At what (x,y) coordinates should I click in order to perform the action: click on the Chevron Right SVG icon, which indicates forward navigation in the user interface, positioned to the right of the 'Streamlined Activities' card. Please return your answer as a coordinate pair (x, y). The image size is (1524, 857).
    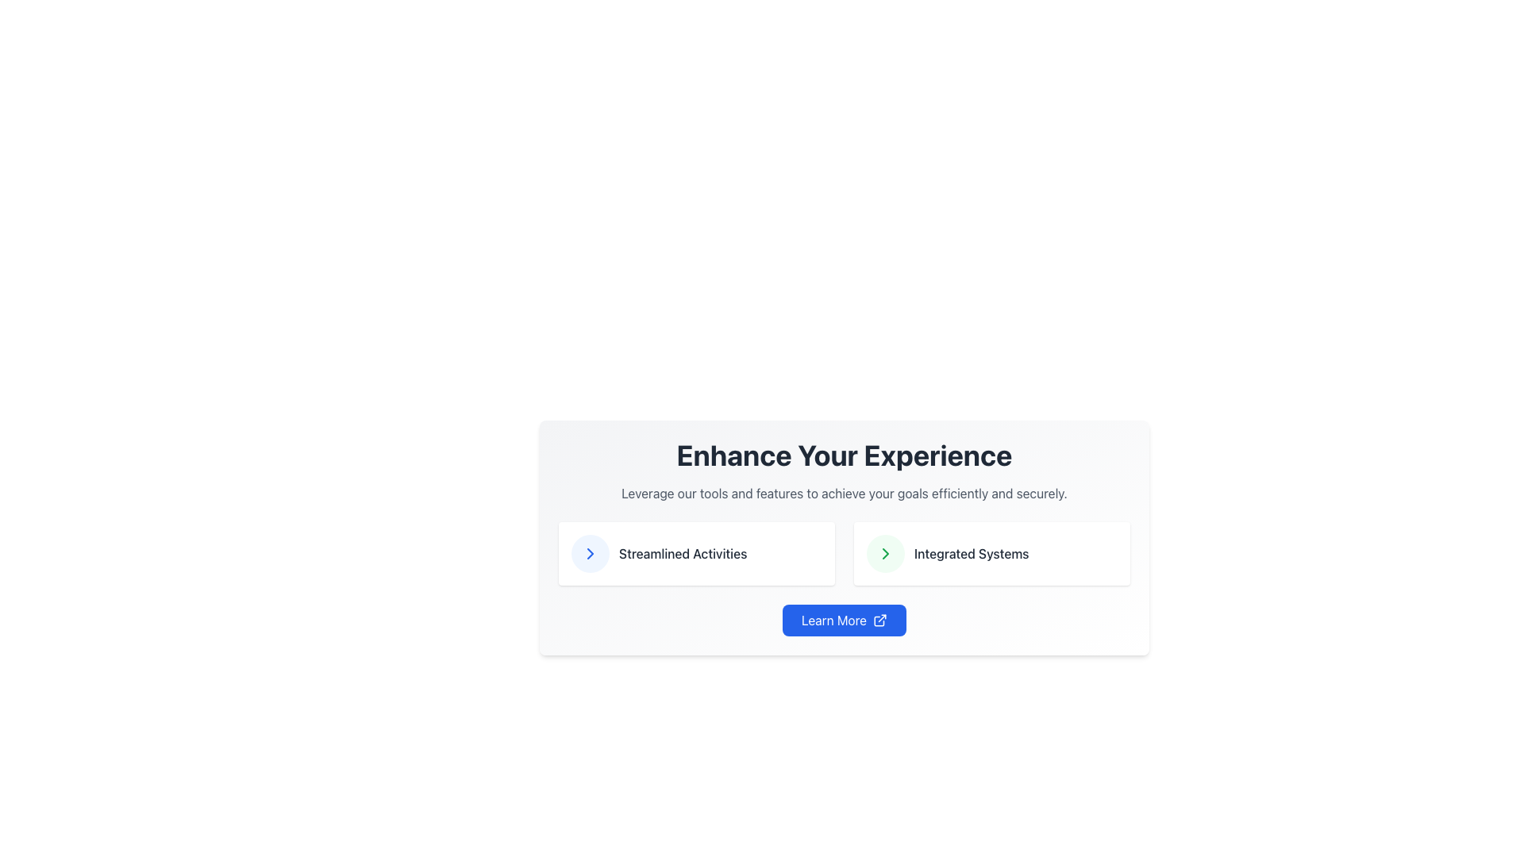
    Looking at the image, I should click on (590, 553).